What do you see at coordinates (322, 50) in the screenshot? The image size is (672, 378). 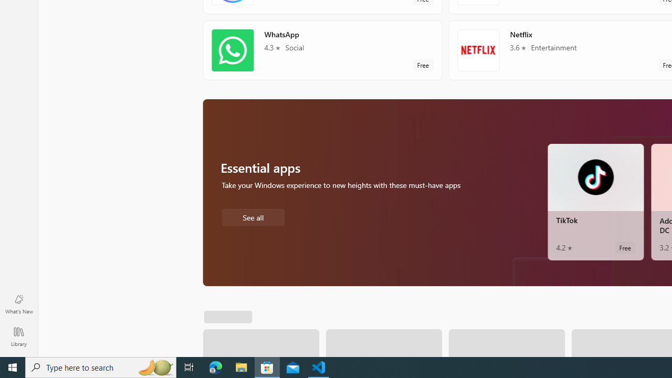 I see `'WhatsApp. Average rating of 4.3 out of five stars. Free  '` at bounding box center [322, 50].